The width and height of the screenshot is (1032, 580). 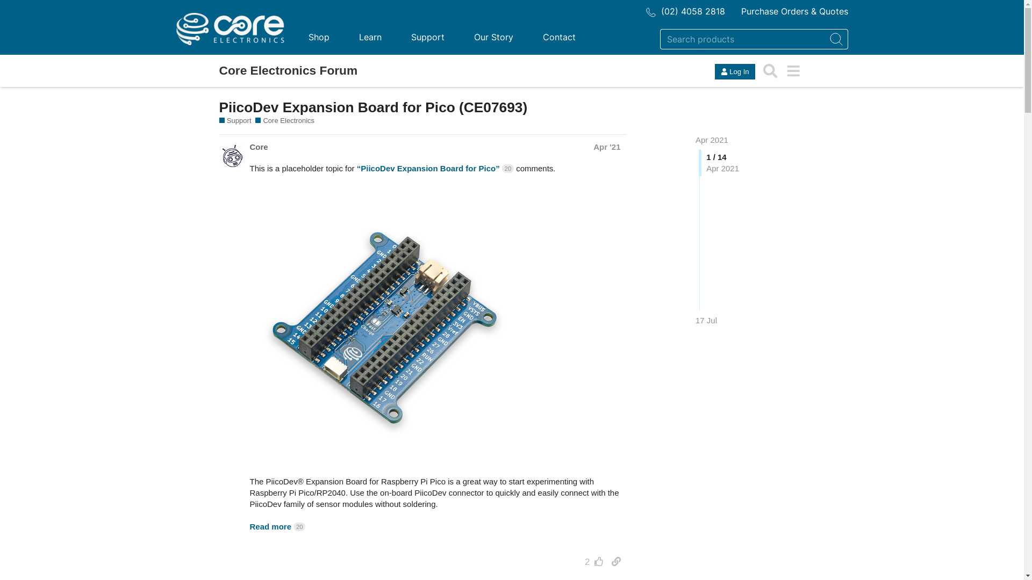 What do you see at coordinates (374, 107) in the screenshot?
I see `'PiicoDev Expansion Board for Pico (CE07693)'` at bounding box center [374, 107].